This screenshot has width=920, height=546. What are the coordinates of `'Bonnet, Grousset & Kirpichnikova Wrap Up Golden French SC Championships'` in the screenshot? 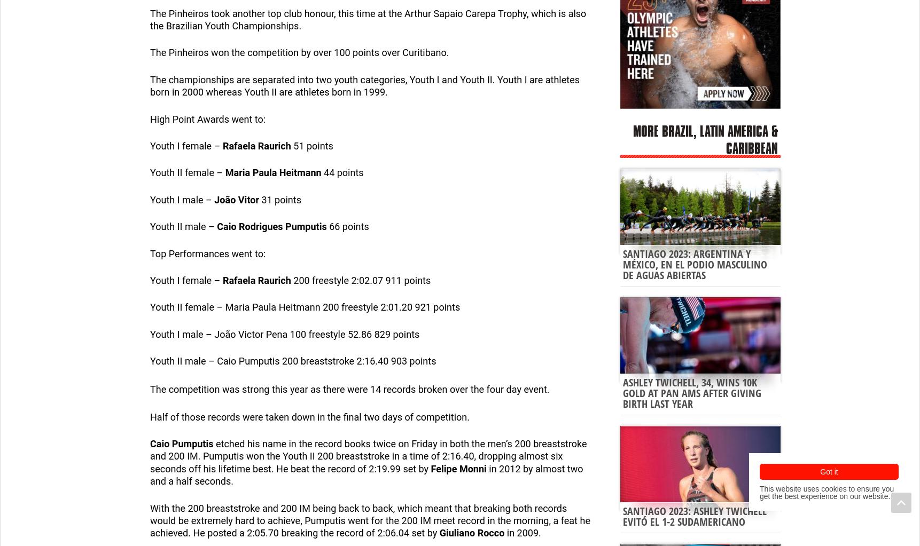 It's located at (106, 493).